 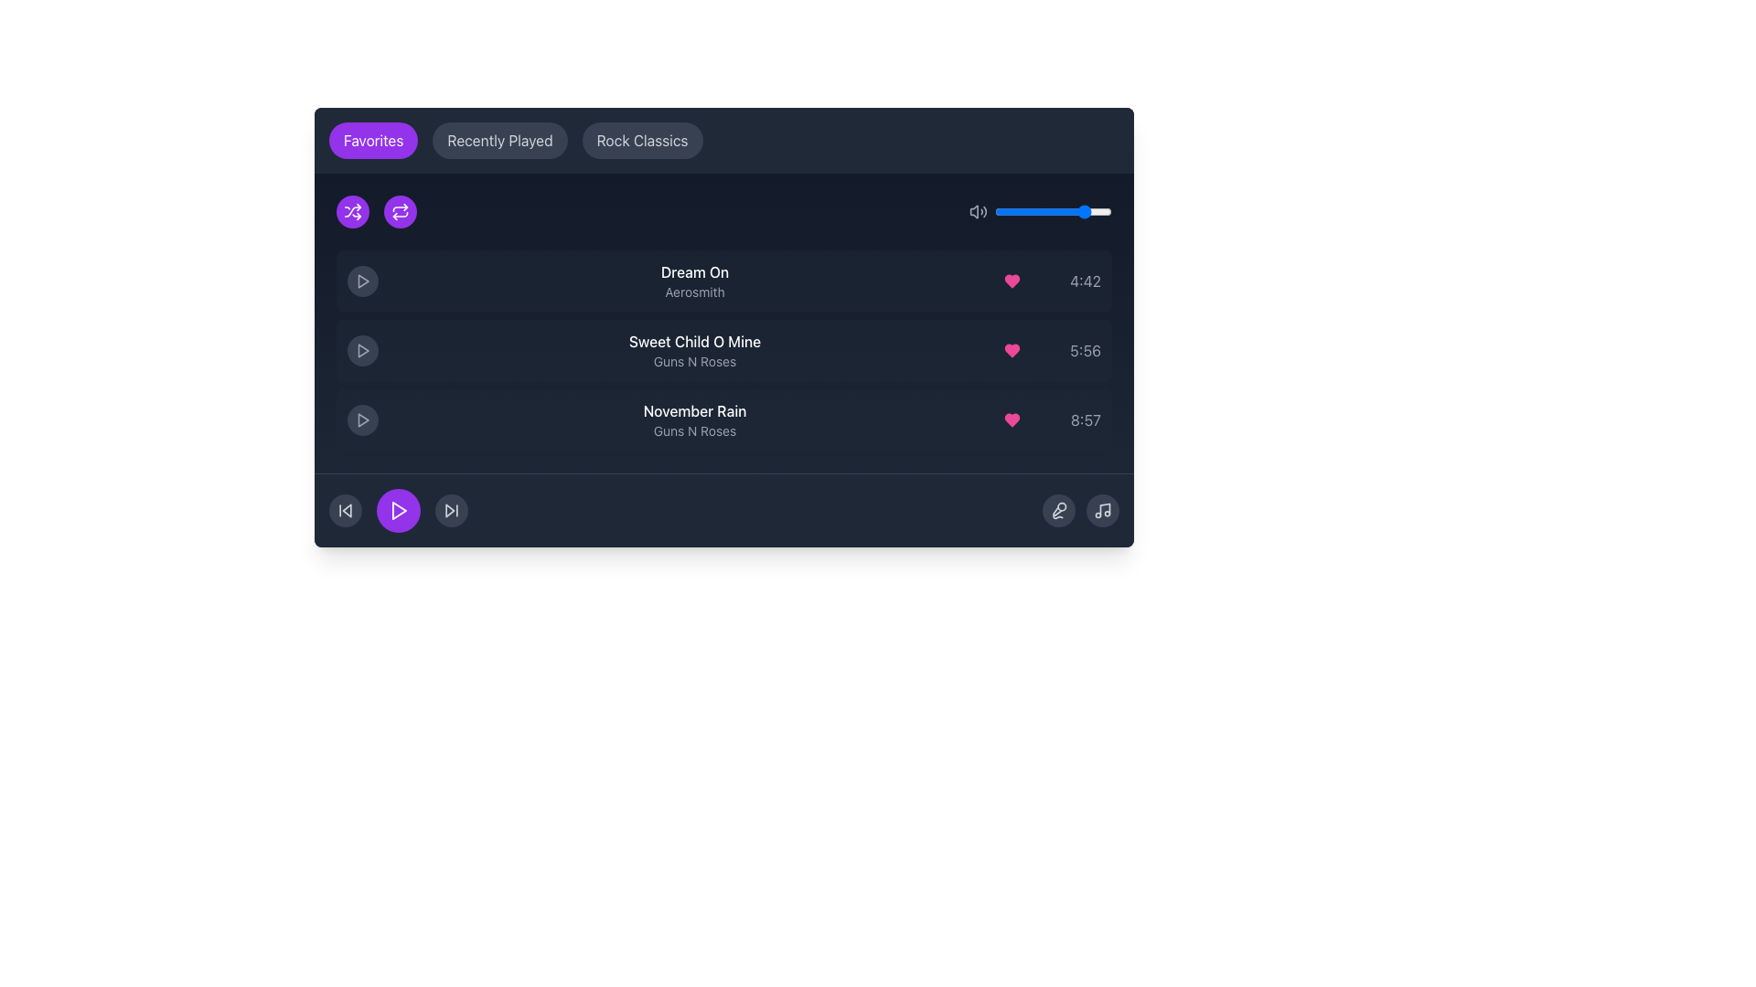 What do you see at coordinates (693, 411) in the screenshot?
I see `text label for the song title 'November Rain' in the playlist, which is located in the third row, above the artist information 'Guns N Roses'` at bounding box center [693, 411].